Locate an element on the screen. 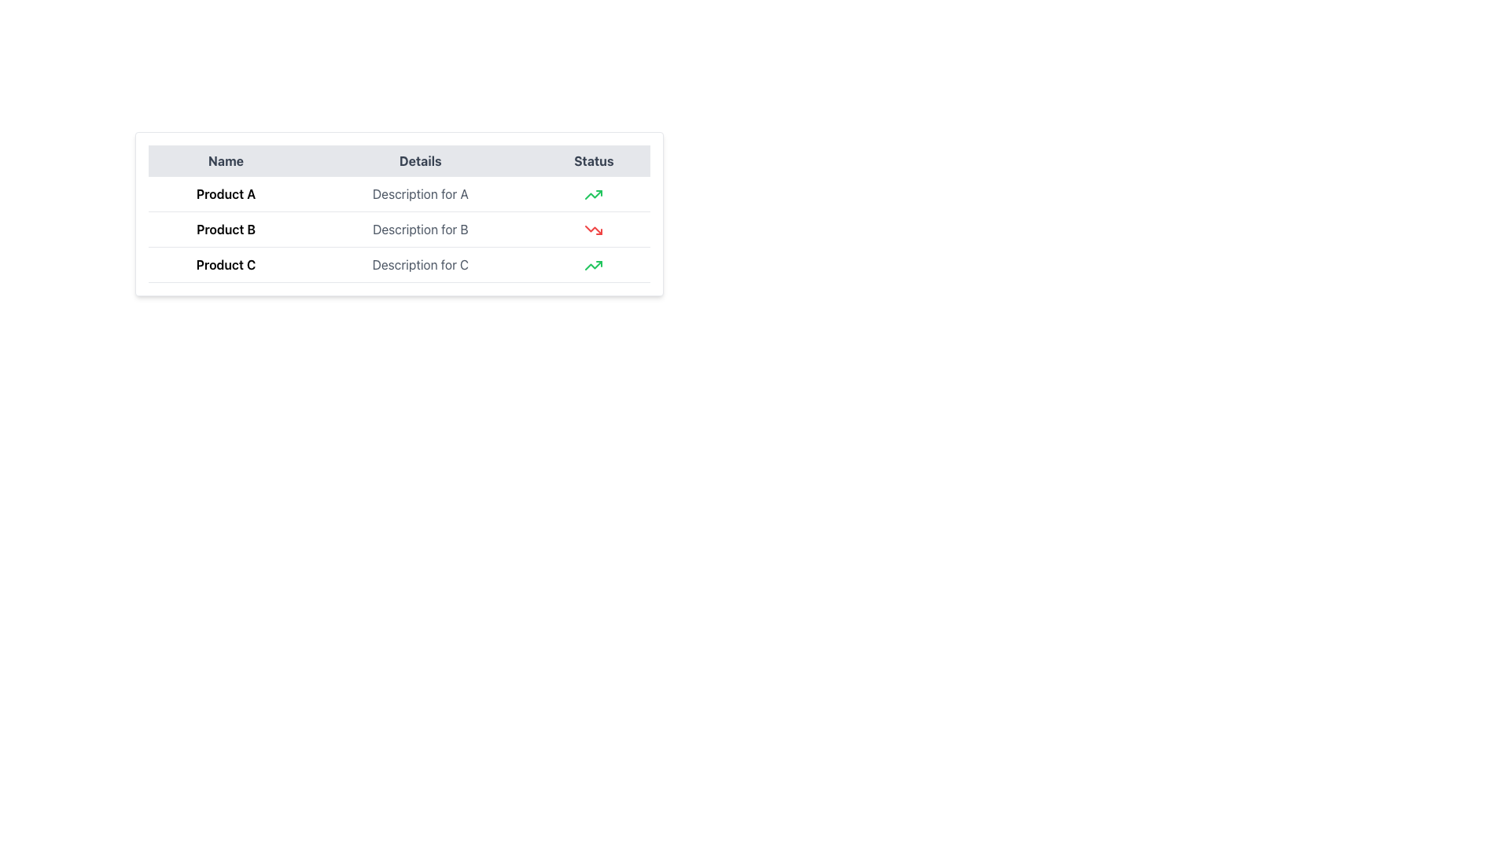 The image size is (1510, 849). the green upward trending arrow icon located in the third row of the table under the 'Status' column is located at coordinates (593, 265).